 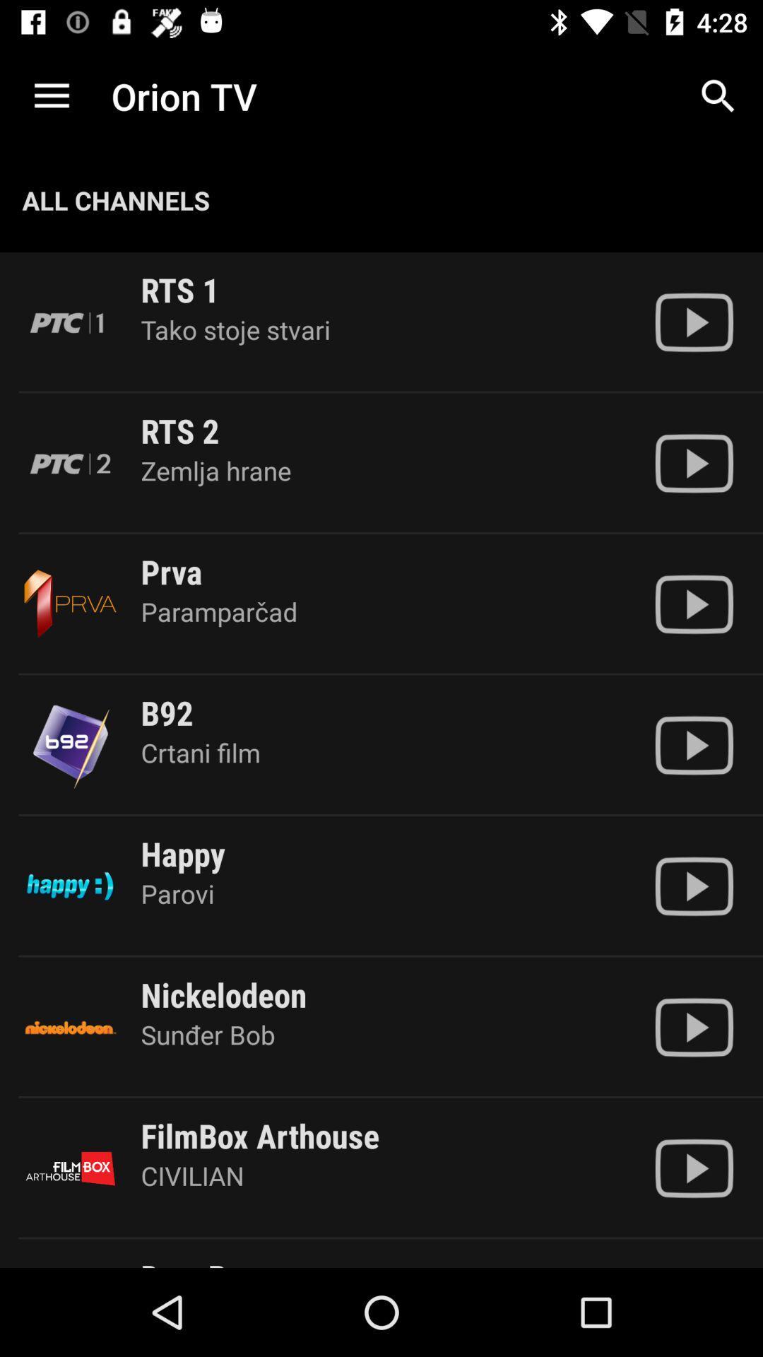 I want to click on selection, so click(x=693, y=1027).